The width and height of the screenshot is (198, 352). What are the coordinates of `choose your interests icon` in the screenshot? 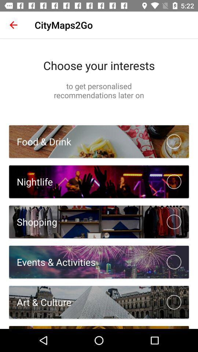 It's located at (99, 65).